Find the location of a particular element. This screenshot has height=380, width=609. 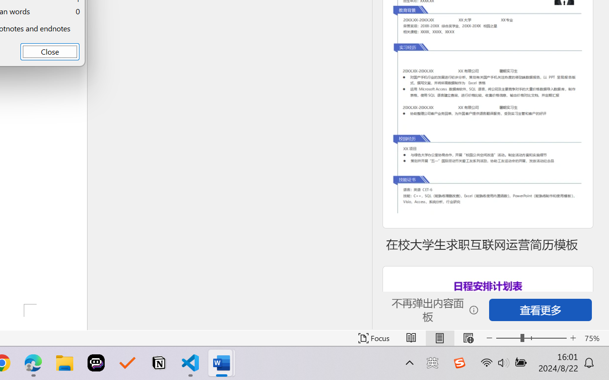

'Zoom In' is located at coordinates (573, 338).